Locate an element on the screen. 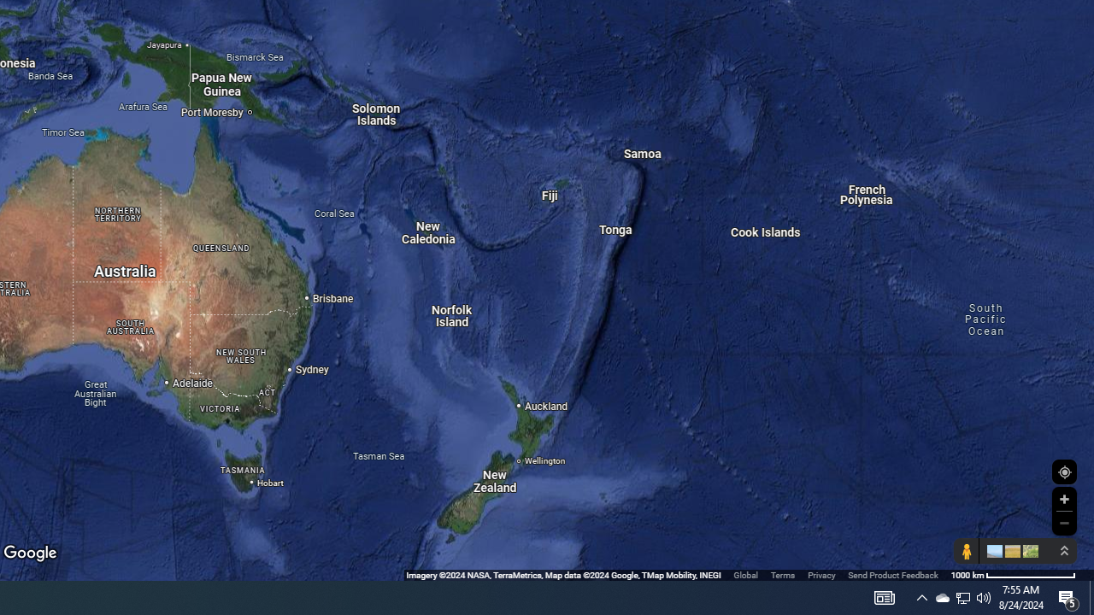 The height and width of the screenshot is (615, 1094). '1000 km' is located at coordinates (1013, 575).